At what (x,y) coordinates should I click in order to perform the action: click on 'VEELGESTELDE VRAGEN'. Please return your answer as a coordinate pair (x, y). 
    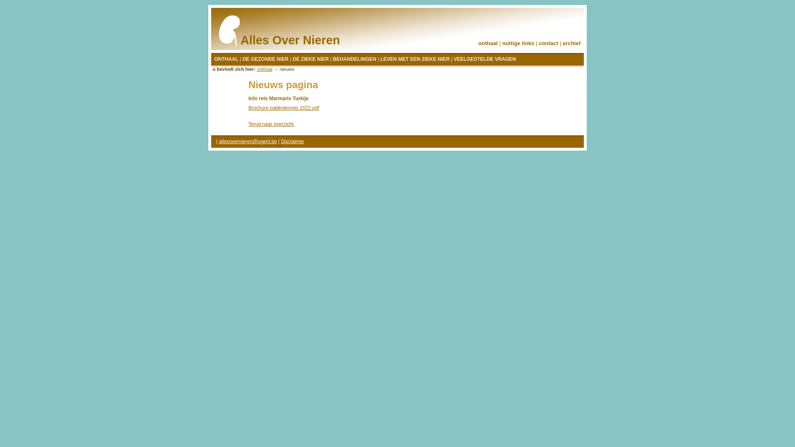
    Looking at the image, I should click on (485, 59).